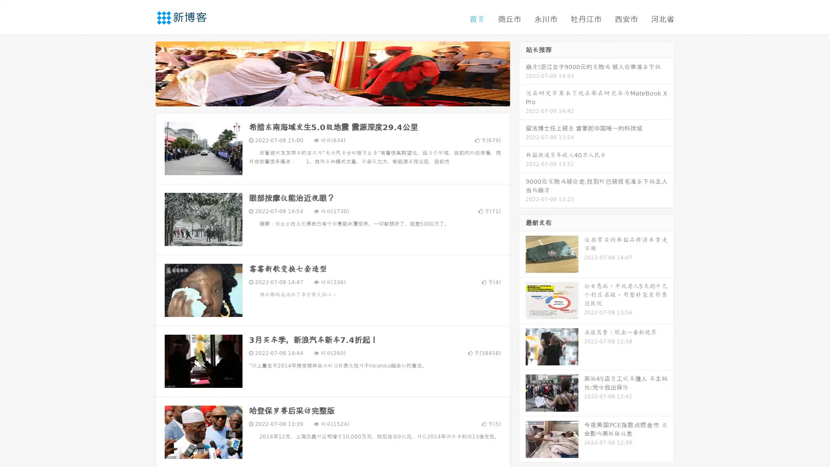  Describe the element at coordinates (143, 73) in the screenshot. I see `Previous slide` at that location.